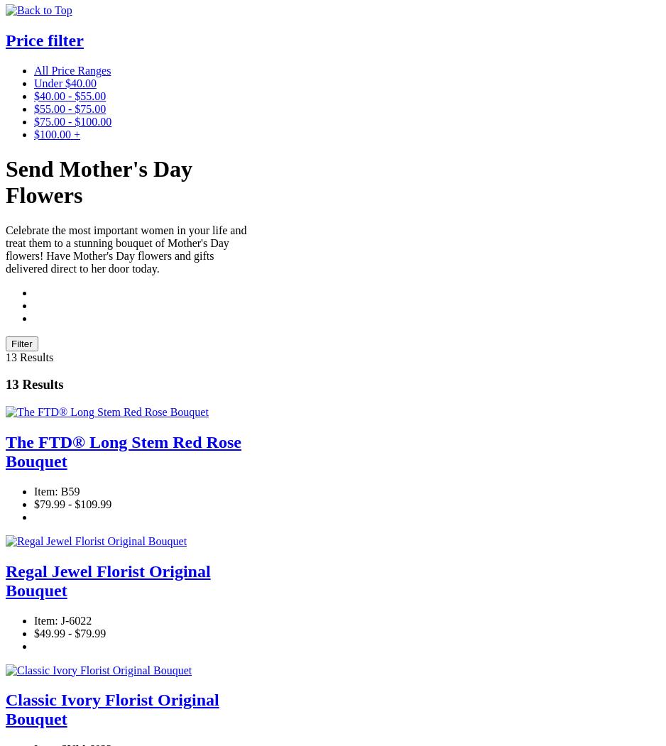 Image resolution: width=666 pixels, height=746 pixels. I want to click on 'Price filter', so click(43, 39).